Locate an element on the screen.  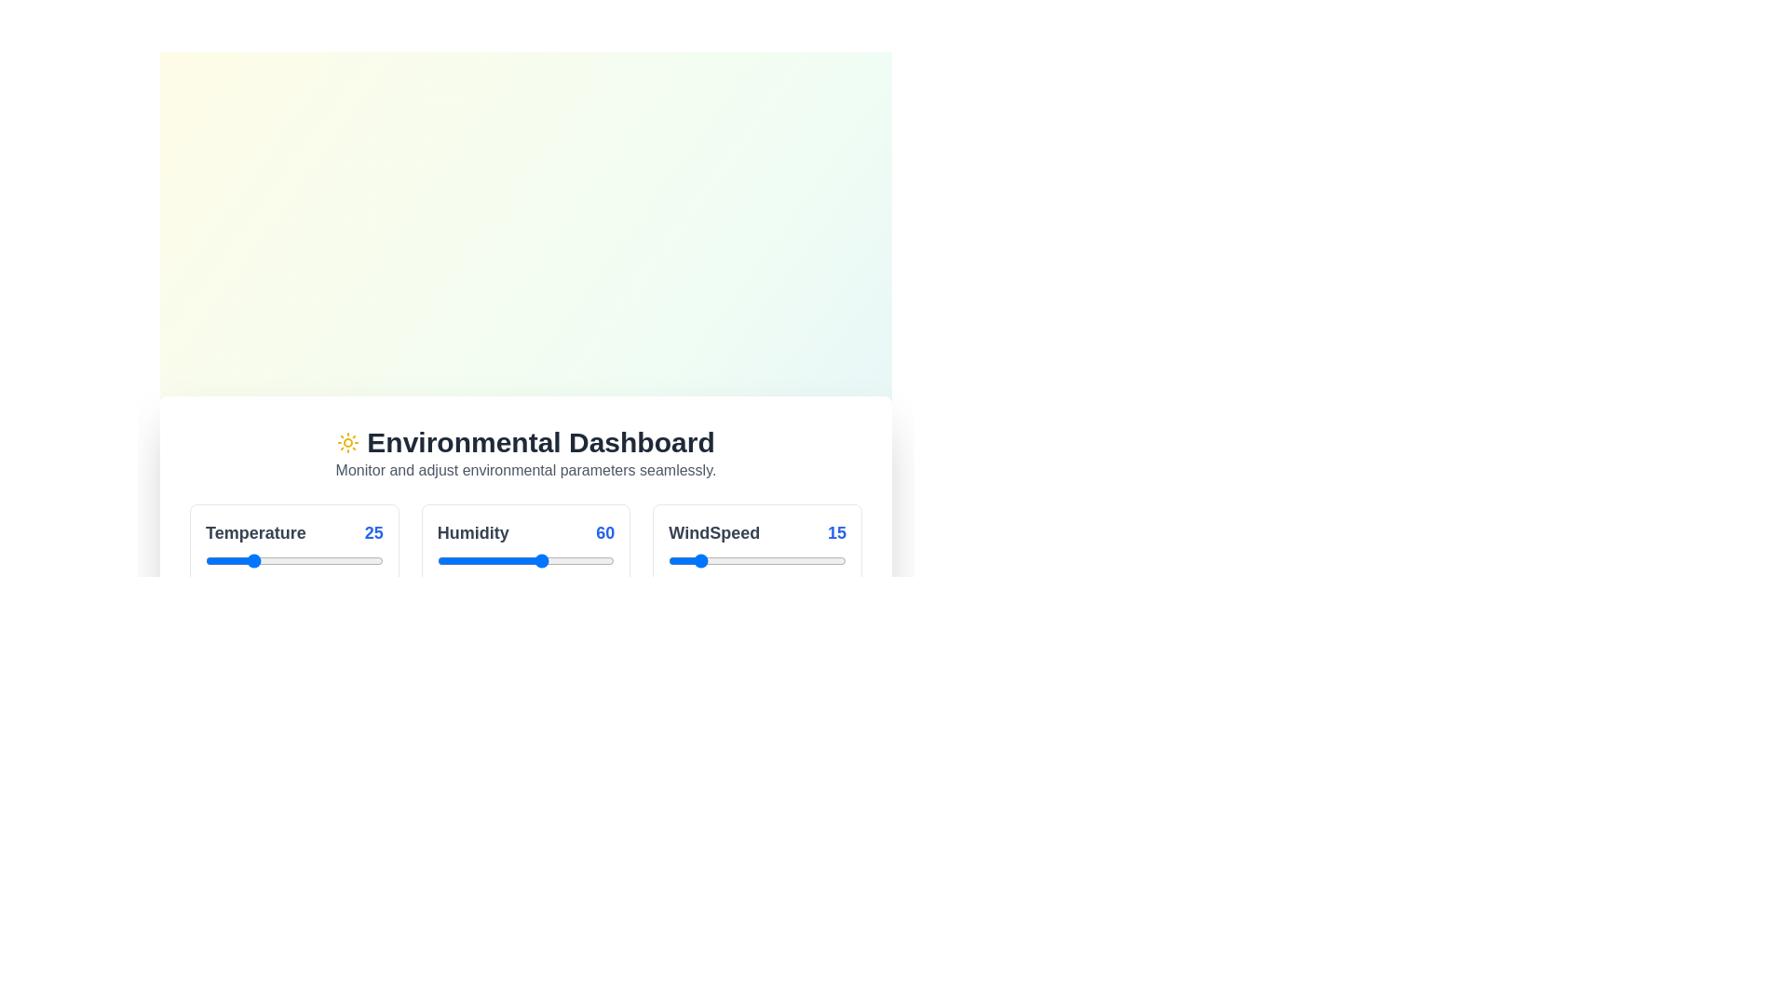
the Humidity slider is located at coordinates (501, 559).